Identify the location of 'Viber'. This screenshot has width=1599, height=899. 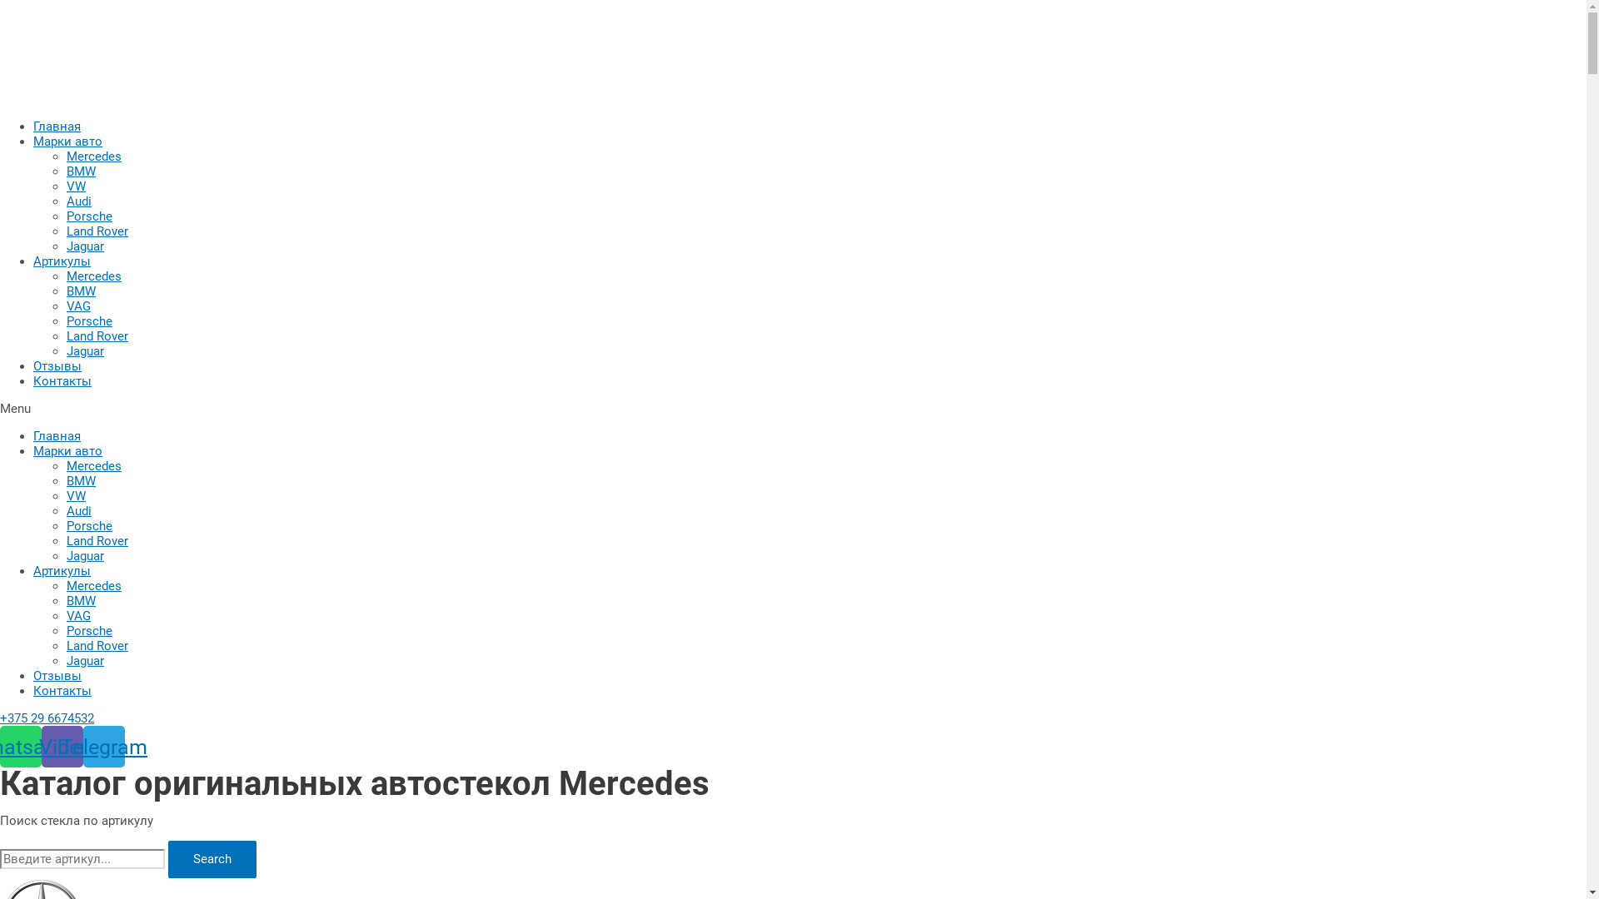
(41, 746).